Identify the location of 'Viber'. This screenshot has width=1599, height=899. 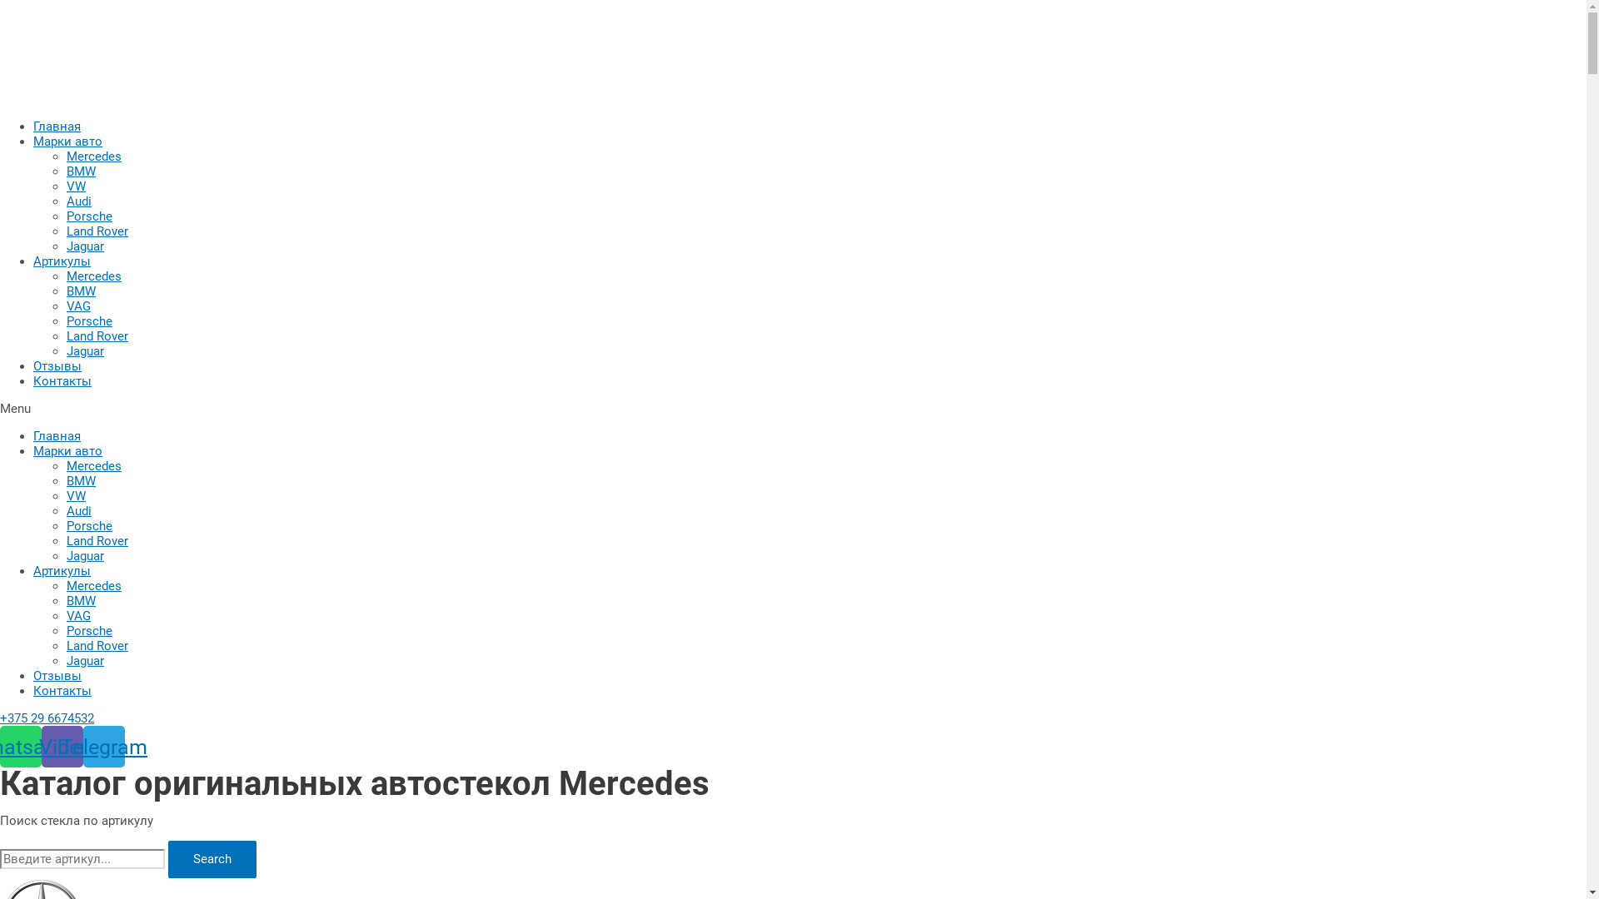
(41, 746).